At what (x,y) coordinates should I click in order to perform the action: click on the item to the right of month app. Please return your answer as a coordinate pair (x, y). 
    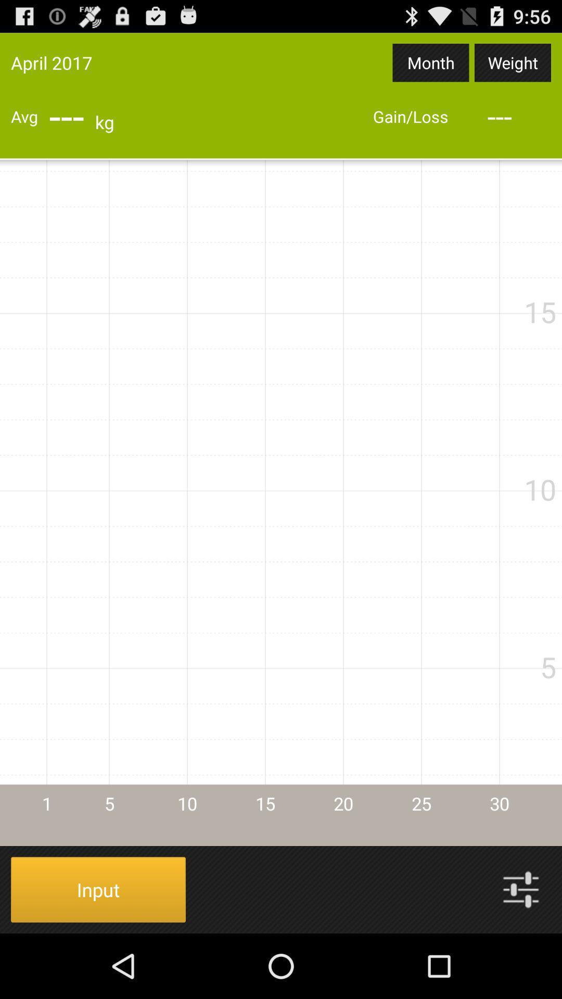
    Looking at the image, I should click on (512, 62).